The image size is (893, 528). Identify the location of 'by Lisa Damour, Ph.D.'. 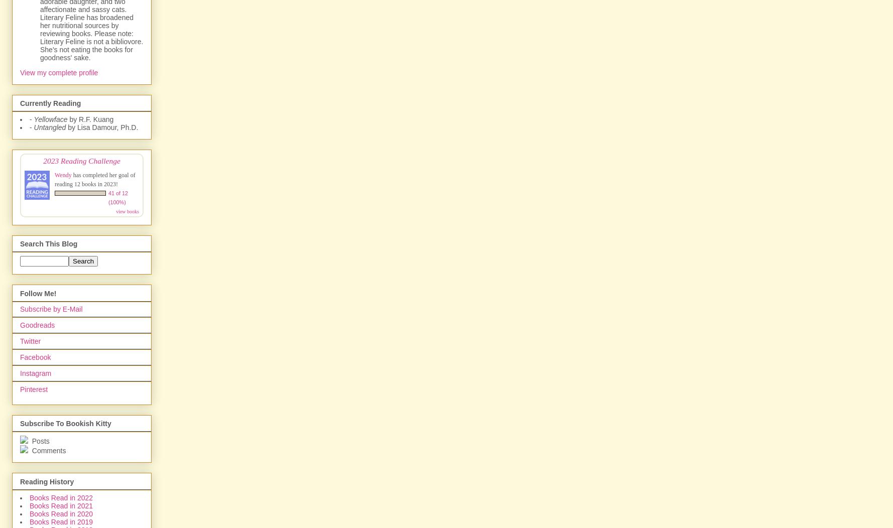
(101, 126).